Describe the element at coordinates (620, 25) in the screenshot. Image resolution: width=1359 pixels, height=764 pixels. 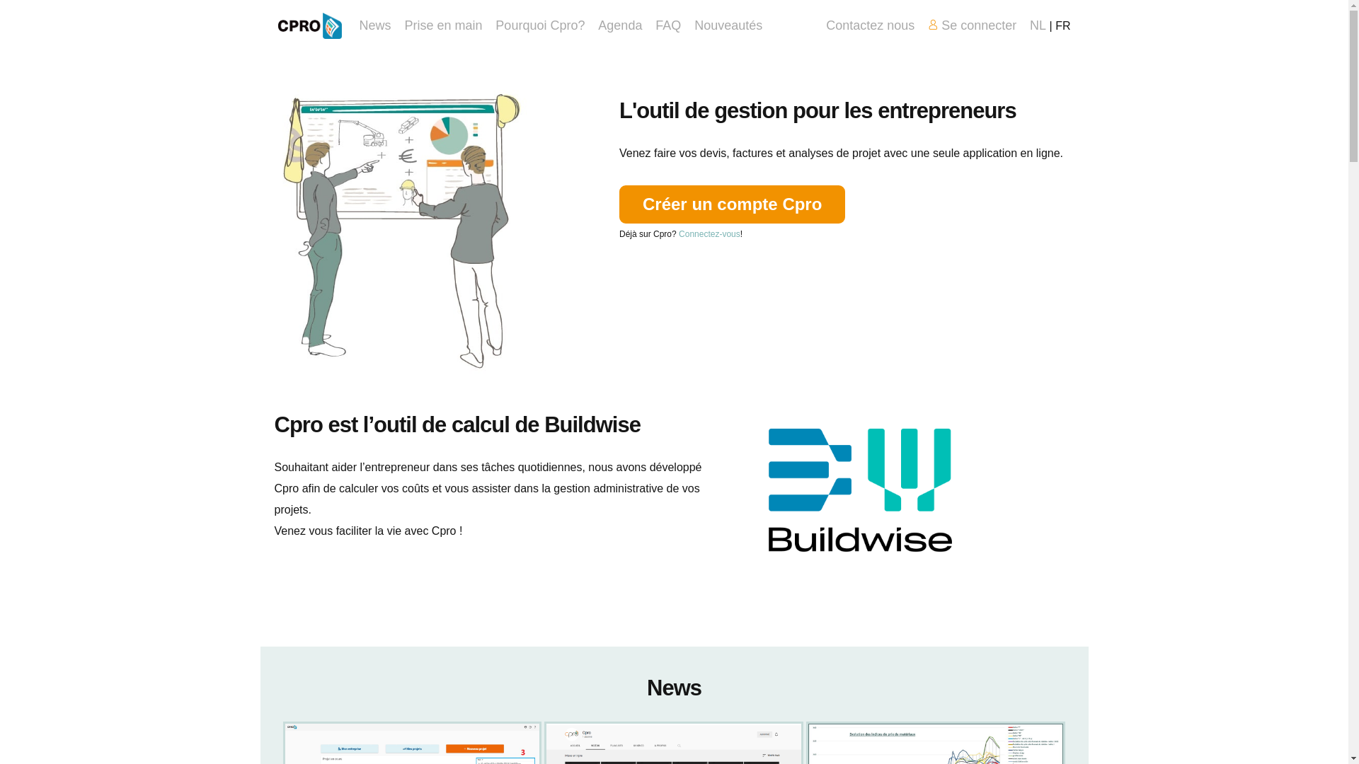
I see `'Agenda'` at that location.